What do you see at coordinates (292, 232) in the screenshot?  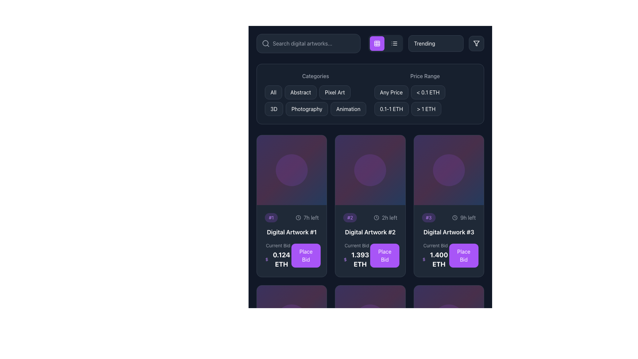 I see `the title text label of the digital artwork card, which is positioned above the 'Current Bid' and 'Place Bid' sections in the leftmost column` at bounding box center [292, 232].